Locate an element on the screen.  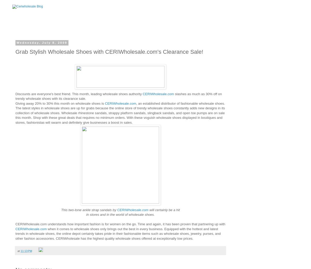
'CERIWholesale.com understands how important fashion is for women on the go. Time and again, it has been proven that partnering up with' is located at coordinates (15, 224).